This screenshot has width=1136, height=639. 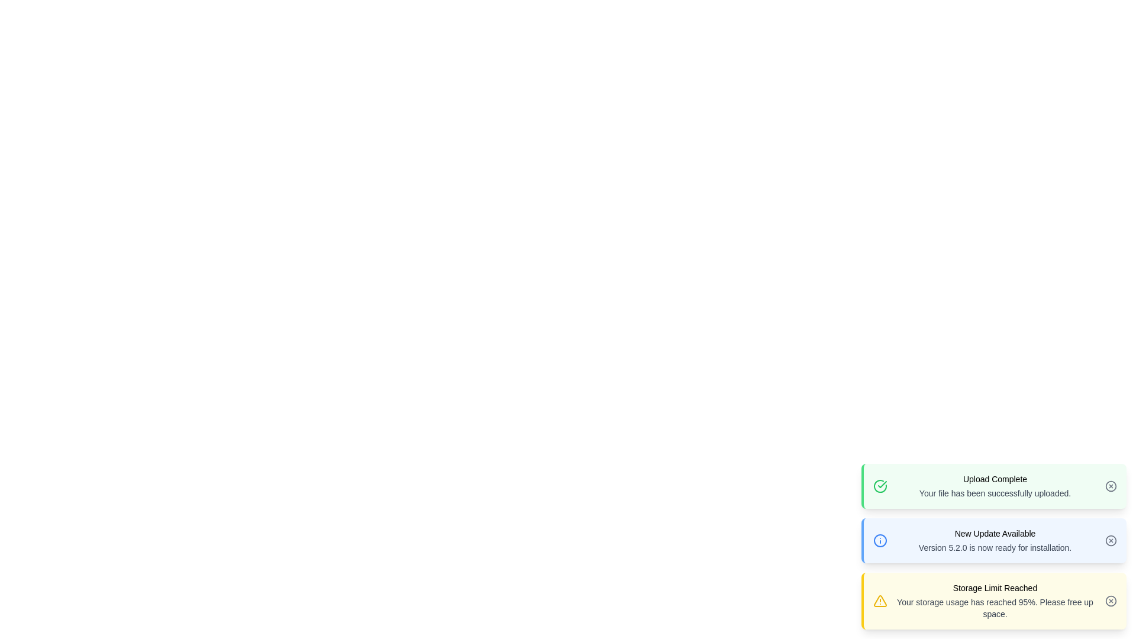 What do you see at coordinates (880, 541) in the screenshot?
I see `the central Circle element within the SVG graphic, which serves a decorative or informational purpose` at bounding box center [880, 541].